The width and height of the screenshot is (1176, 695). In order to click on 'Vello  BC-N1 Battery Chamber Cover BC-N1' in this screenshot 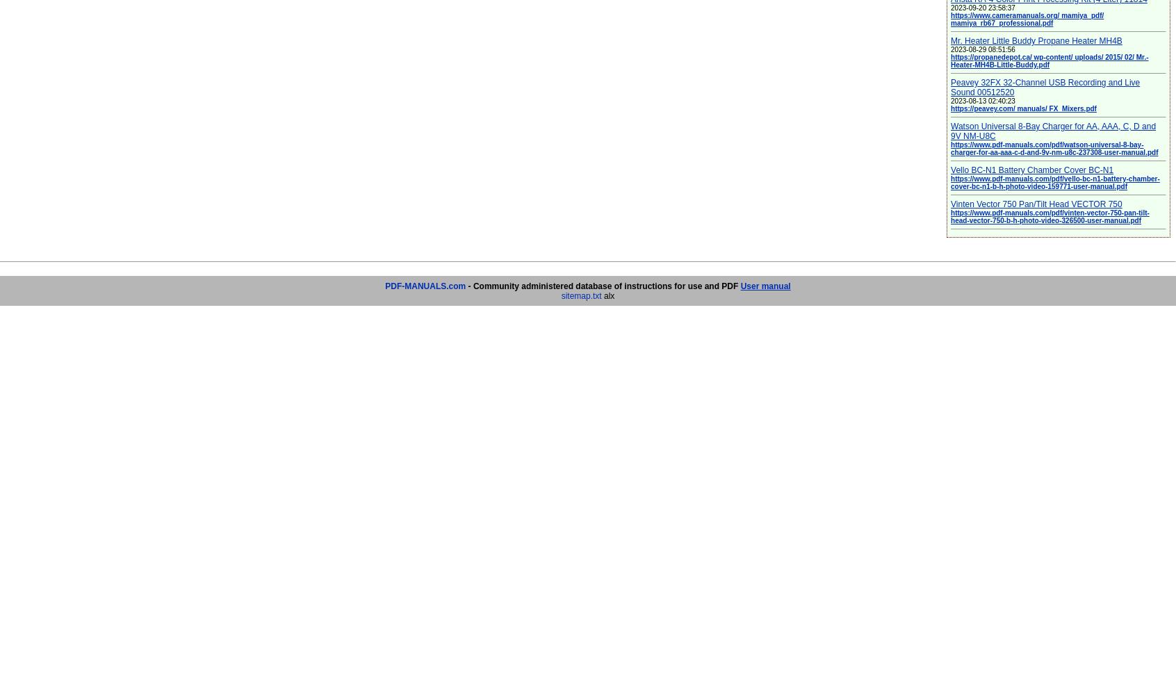, I will do `click(1032, 170)`.